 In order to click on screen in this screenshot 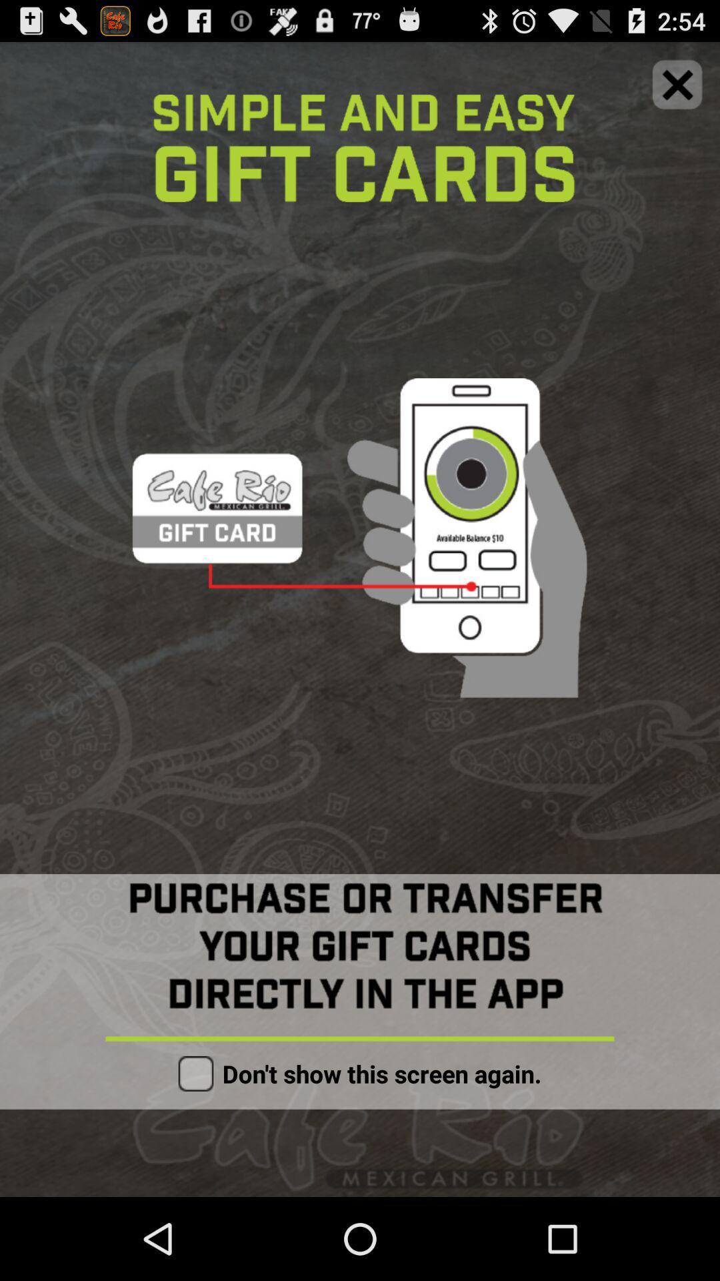, I will do `click(677, 83)`.